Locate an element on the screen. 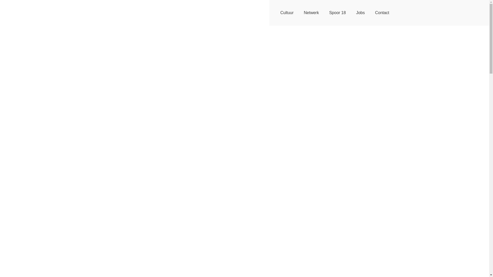 The width and height of the screenshot is (493, 277). 'Jobs' is located at coordinates (351, 13).